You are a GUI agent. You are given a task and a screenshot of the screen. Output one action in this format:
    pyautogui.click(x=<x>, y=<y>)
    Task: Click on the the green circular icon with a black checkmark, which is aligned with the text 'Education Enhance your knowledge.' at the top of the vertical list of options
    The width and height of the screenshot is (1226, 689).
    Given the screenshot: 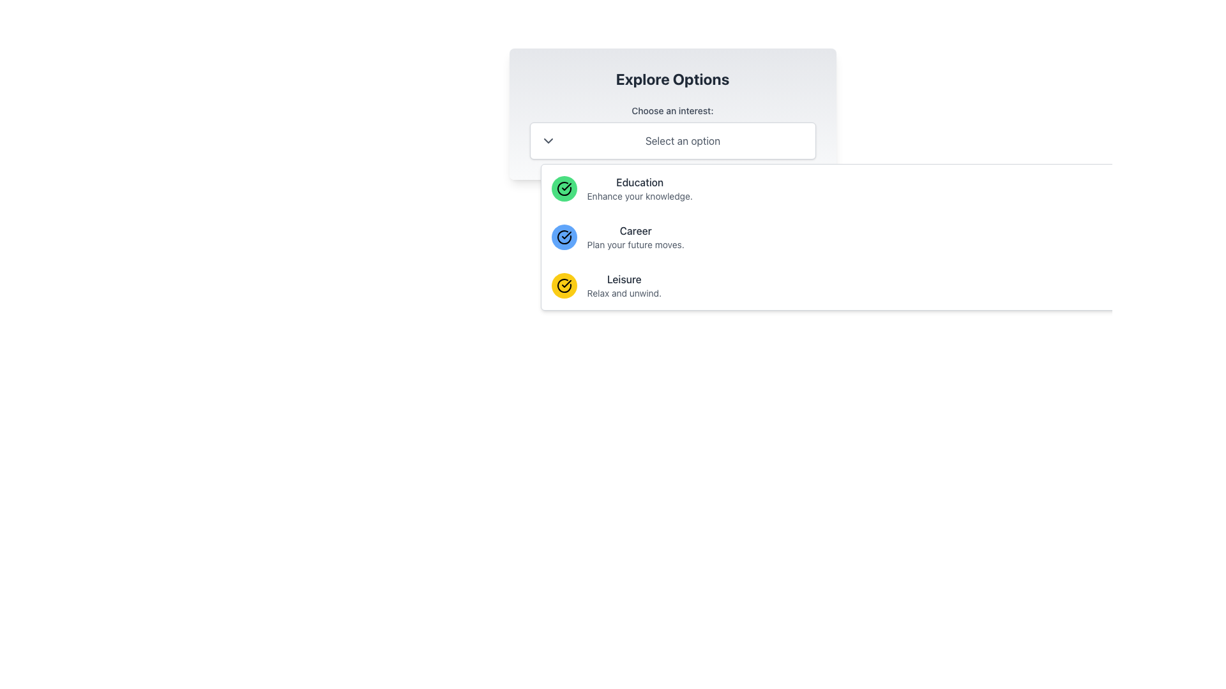 What is the action you would take?
    pyautogui.click(x=563, y=189)
    